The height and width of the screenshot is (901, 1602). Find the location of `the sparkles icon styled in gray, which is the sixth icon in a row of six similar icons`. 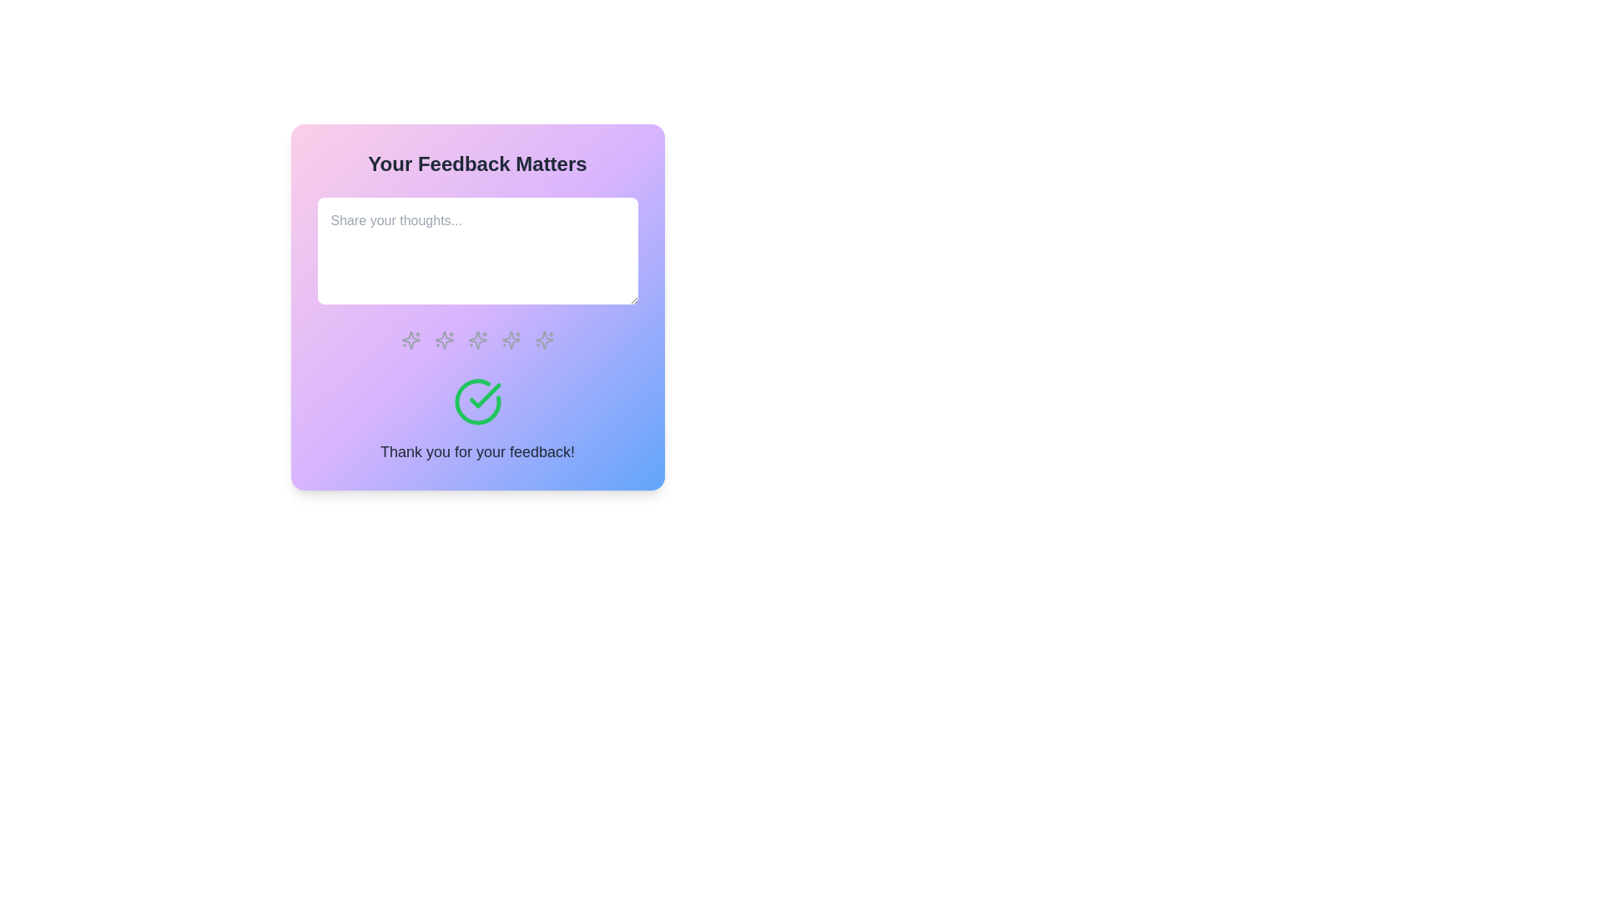

the sparkles icon styled in gray, which is the sixth icon in a row of six similar icons is located at coordinates (544, 340).